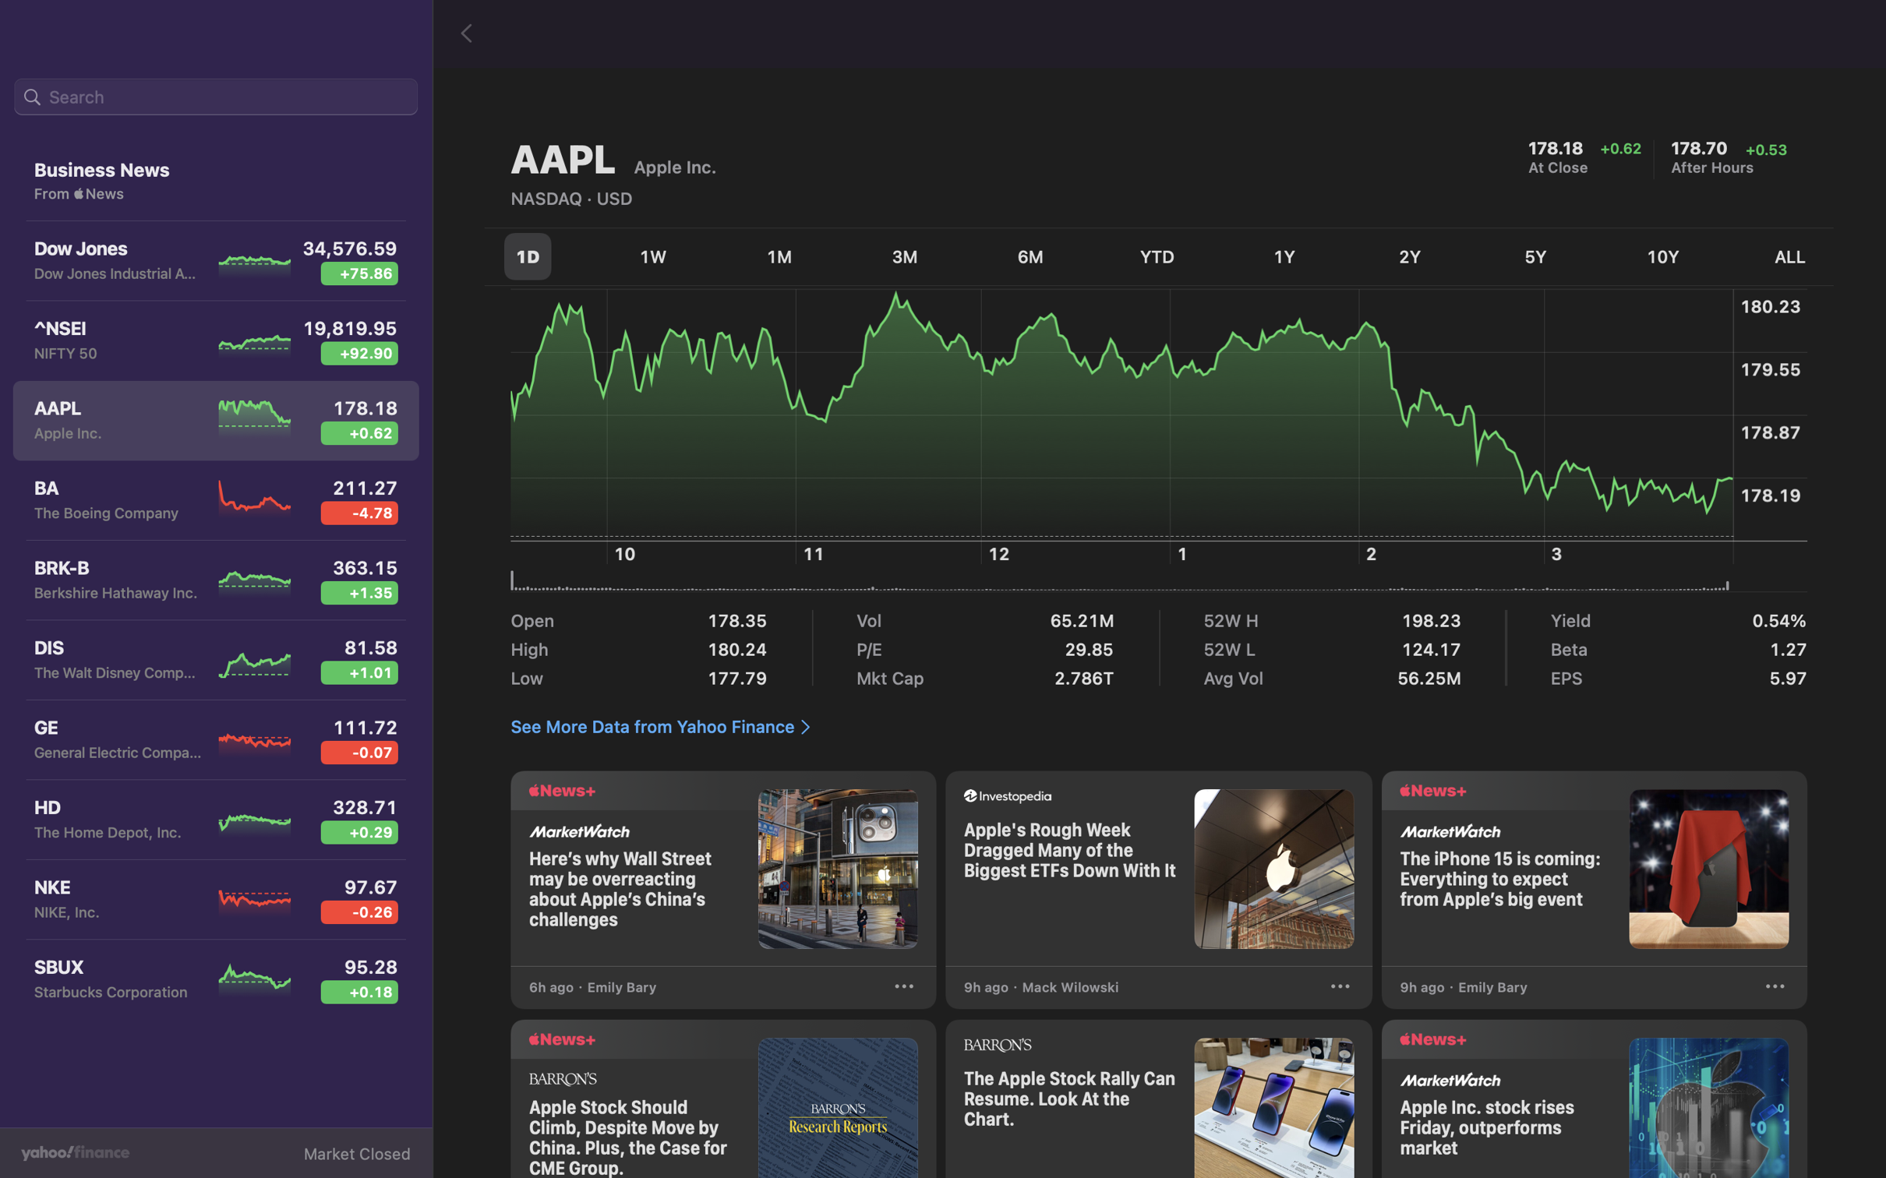  Describe the element at coordinates (1779, 258) in the screenshot. I see `an overview of the stock movement for the entire available data` at that location.